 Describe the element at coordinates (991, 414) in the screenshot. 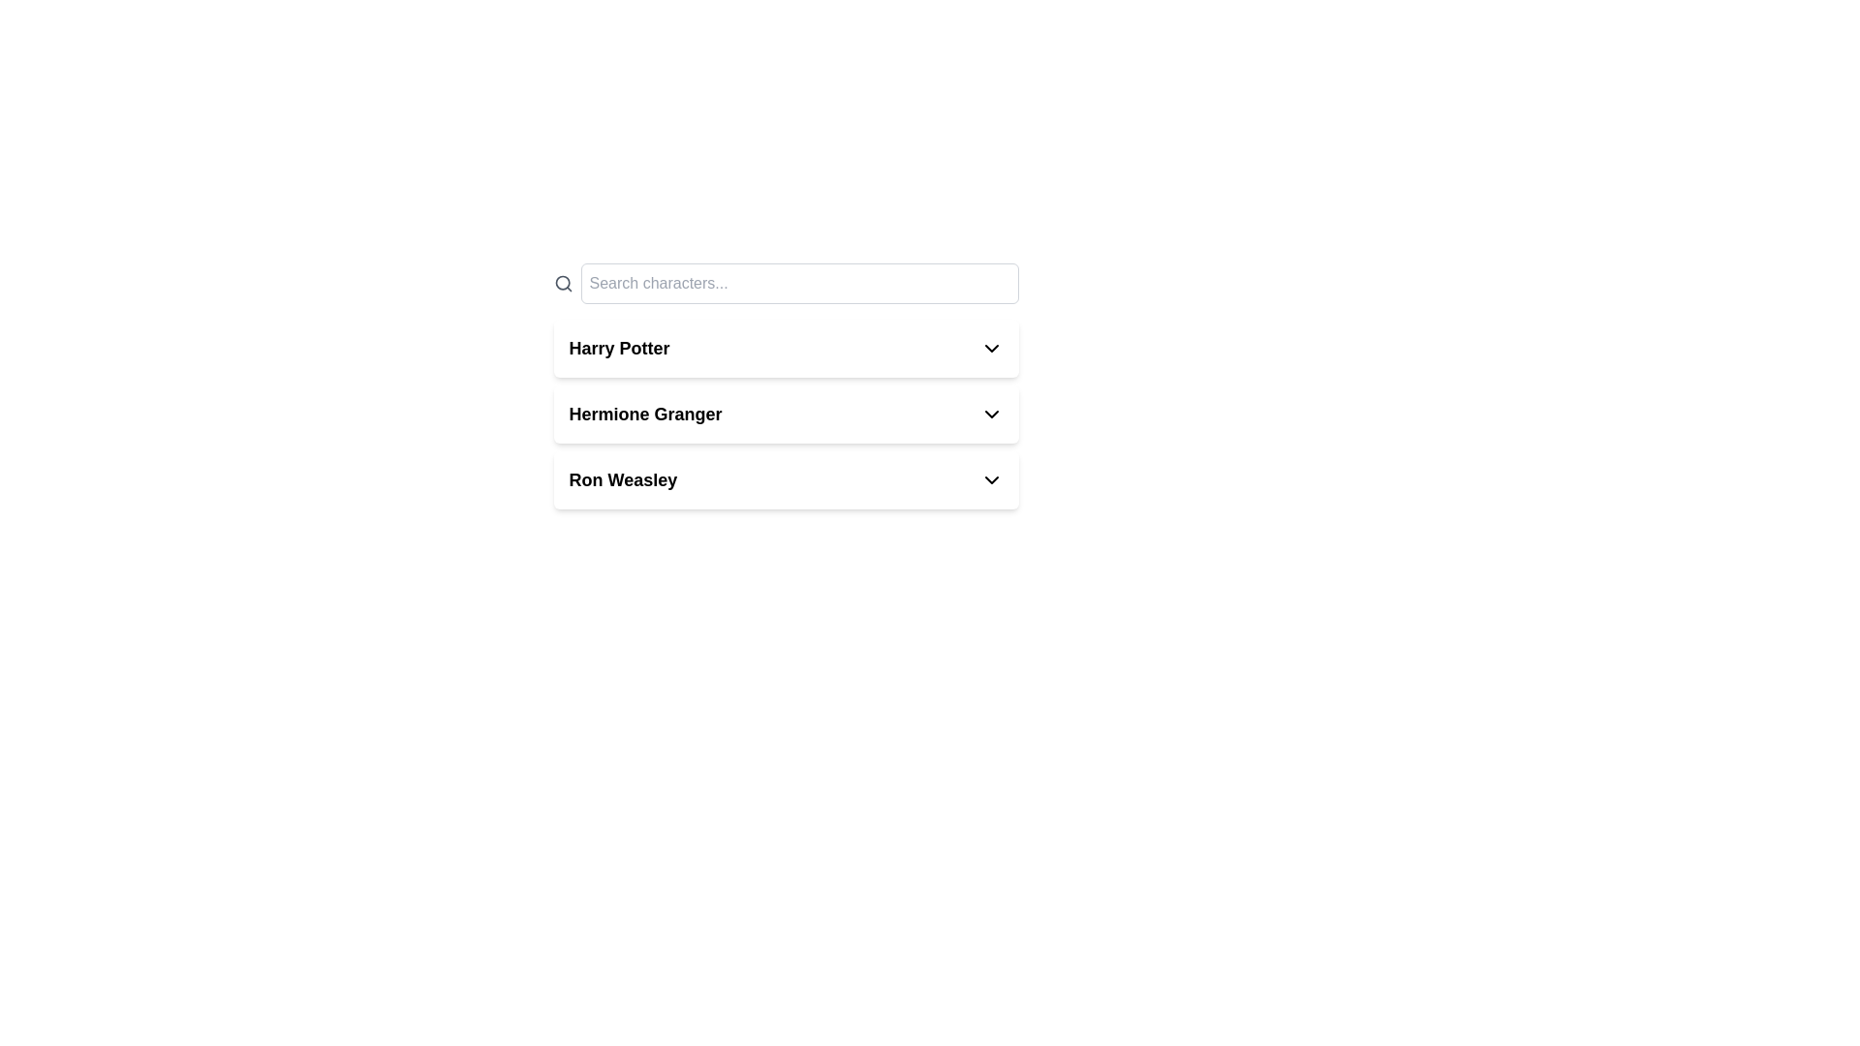

I see `the downward-pointing chevron icon with a black stroke outline located beside the text 'Hermione Granger' in the second row of the dropdown list` at that location.